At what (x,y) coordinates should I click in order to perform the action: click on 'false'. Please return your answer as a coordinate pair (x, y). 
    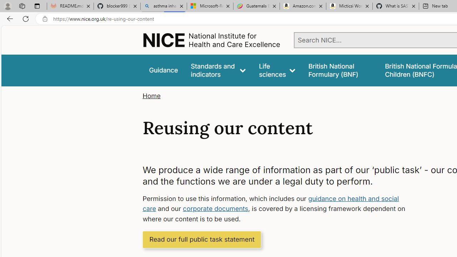
    Looking at the image, I should click on (340, 70).